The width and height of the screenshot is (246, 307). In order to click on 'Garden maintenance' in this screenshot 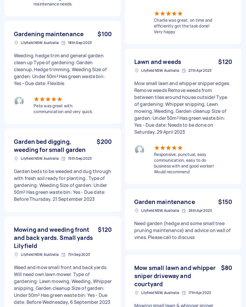, I will do `click(164, 201)`.